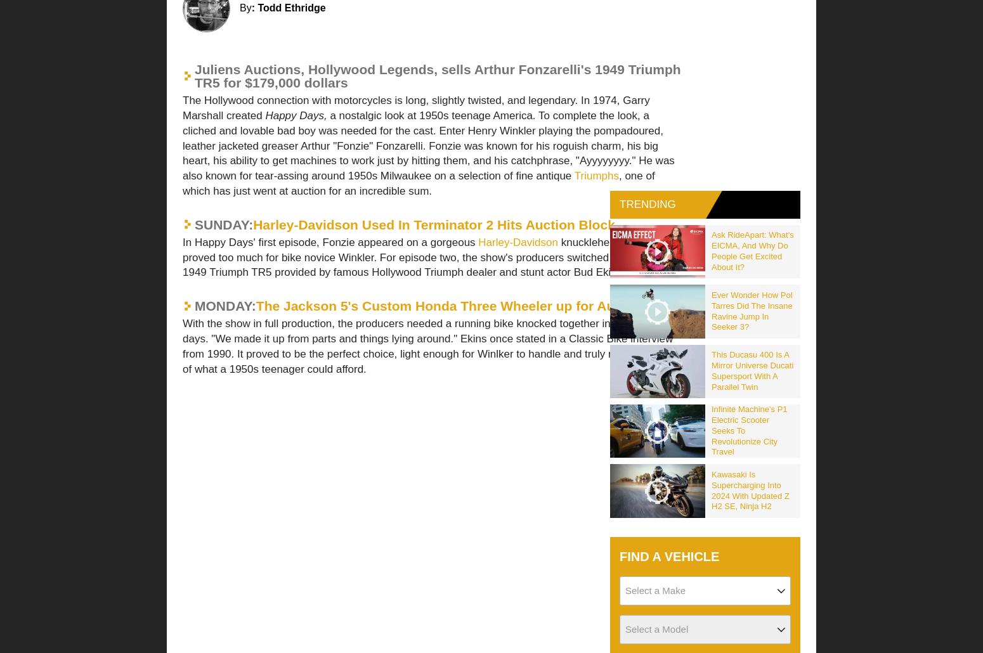 The width and height of the screenshot is (983, 653). Describe the element at coordinates (348, 277) in the screenshot. I see `'Harley-Davidson'` at that location.